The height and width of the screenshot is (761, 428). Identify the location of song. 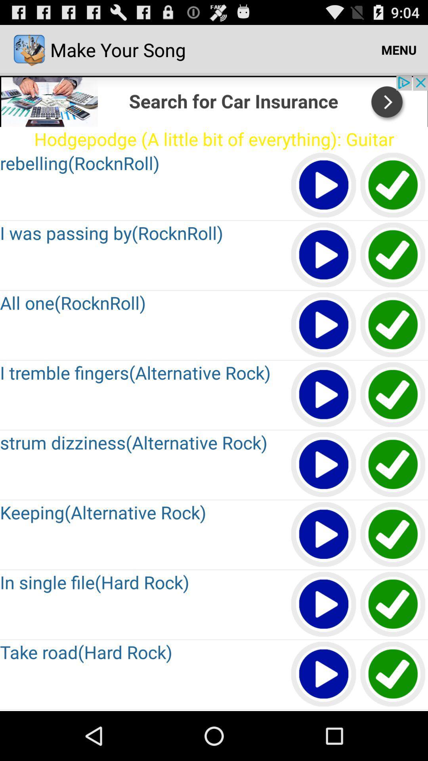
(324, 465).